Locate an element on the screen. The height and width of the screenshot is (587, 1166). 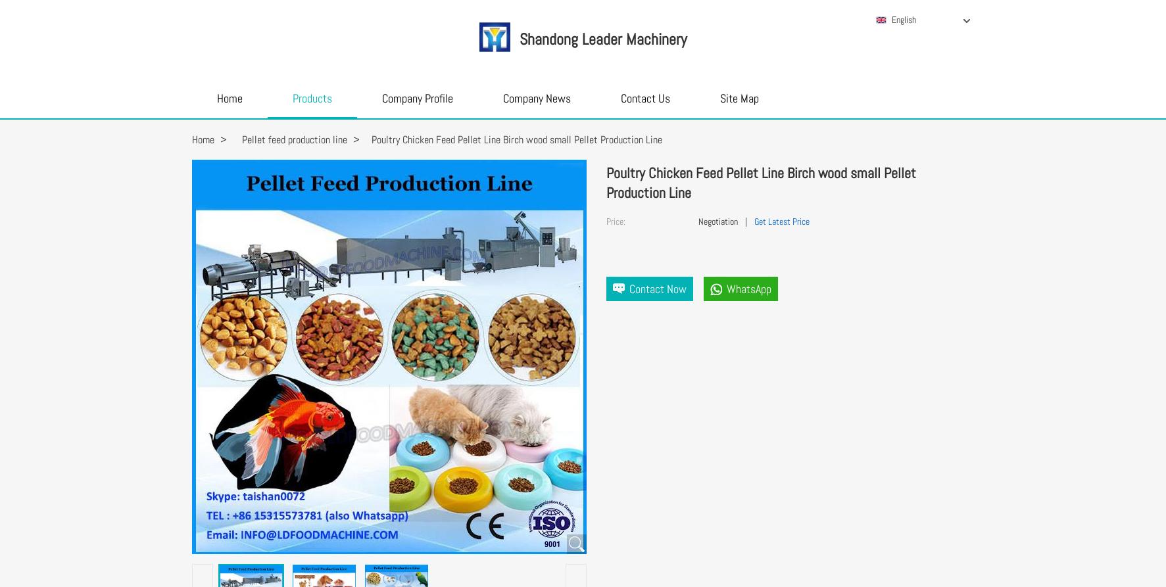
'Negotiation' is located at coordinates (717, 222).